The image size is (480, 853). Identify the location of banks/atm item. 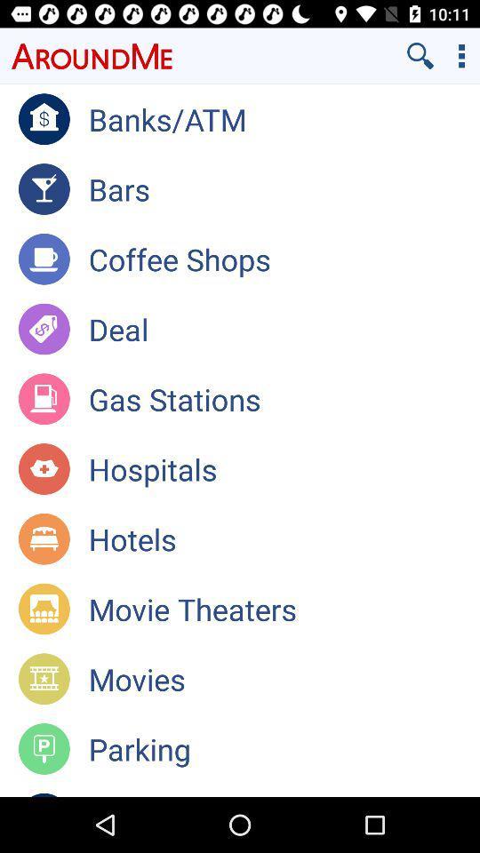
(284, 118).